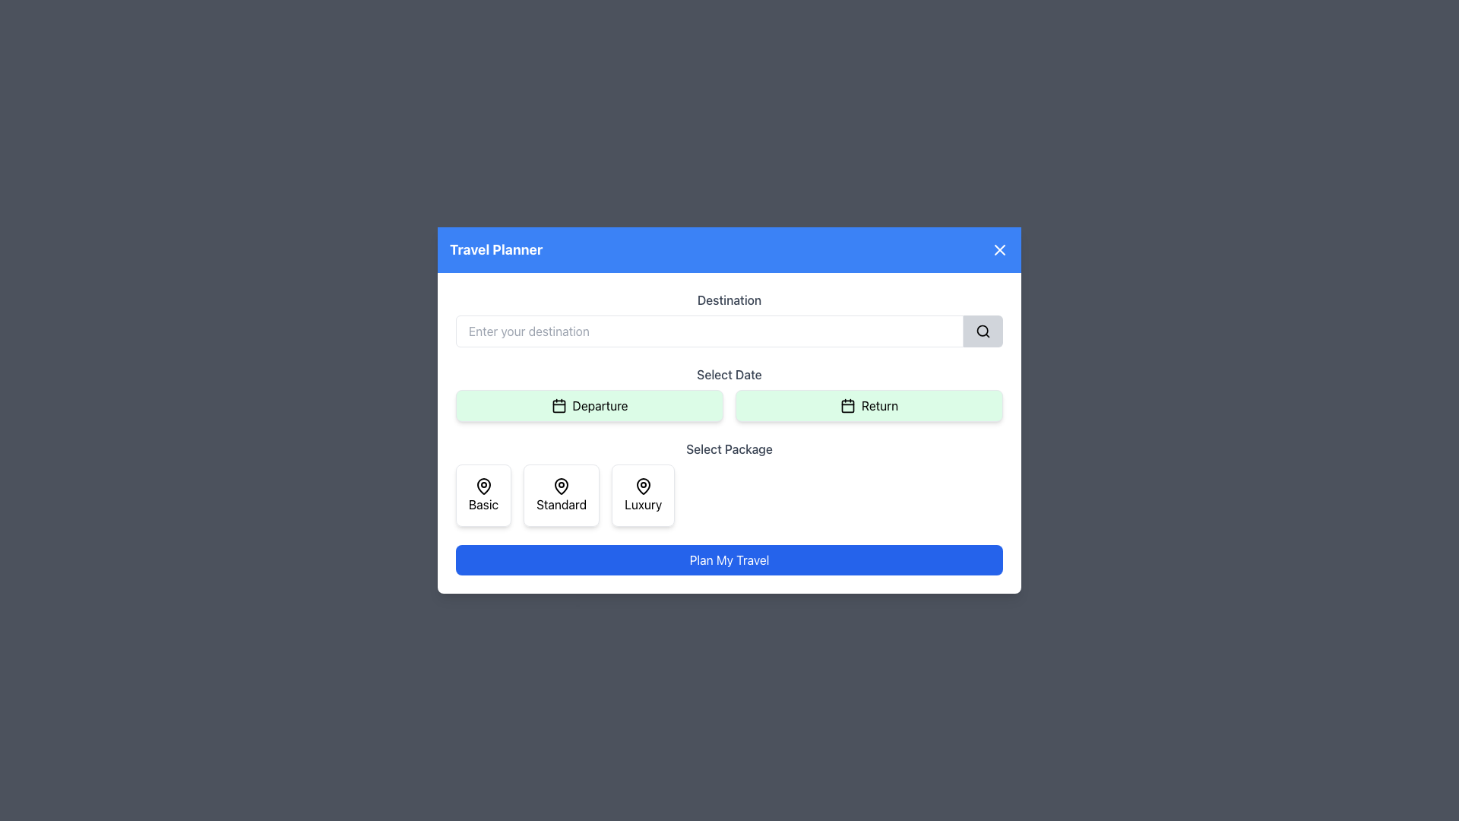 The height and width of the screenshot is (821, 1459). Describe the element at coordinates (600, 404) in the screenshot. I see `the 'Departure' text label, which is part of a button-like component with a light green background and rounded edges, located in the 'Select Date' section adjacent to a calendar icon` at that location.